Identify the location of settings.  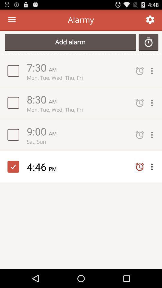
(153, 135).